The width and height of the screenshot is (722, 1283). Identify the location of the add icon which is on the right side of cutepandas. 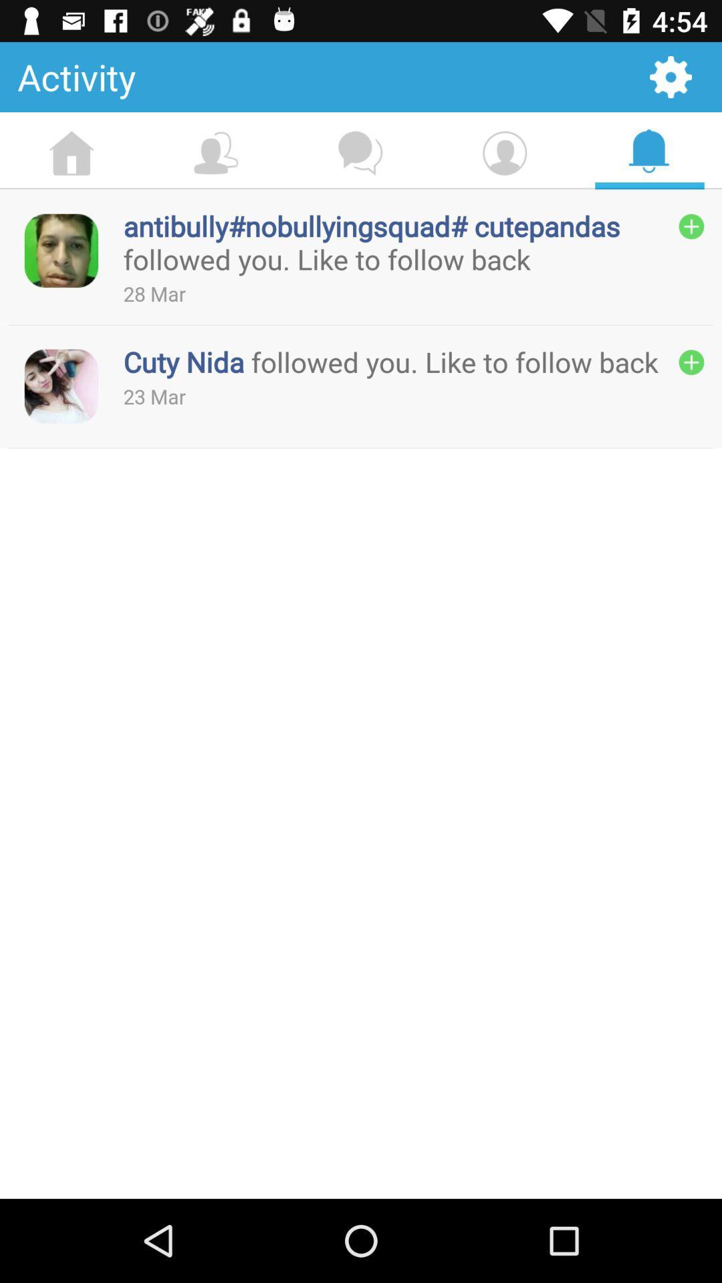
(691, 227).